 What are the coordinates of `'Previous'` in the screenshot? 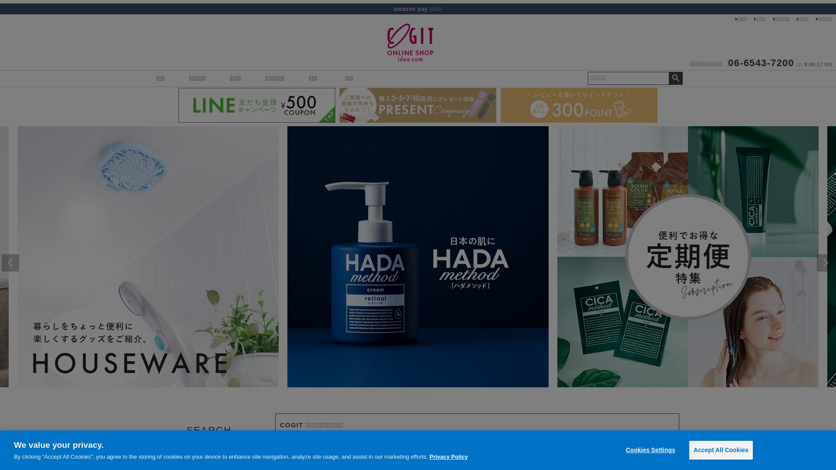 It's located at (10, 262).